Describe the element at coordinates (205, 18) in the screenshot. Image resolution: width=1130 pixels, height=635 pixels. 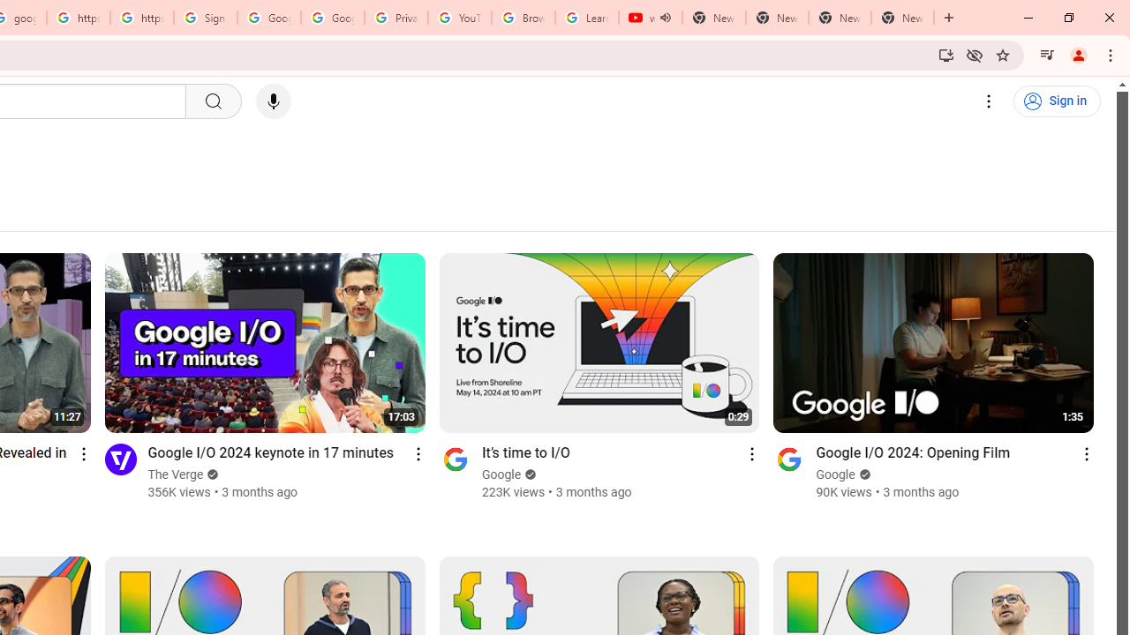
I see `'Sign in - Google Accounts'` at that location.